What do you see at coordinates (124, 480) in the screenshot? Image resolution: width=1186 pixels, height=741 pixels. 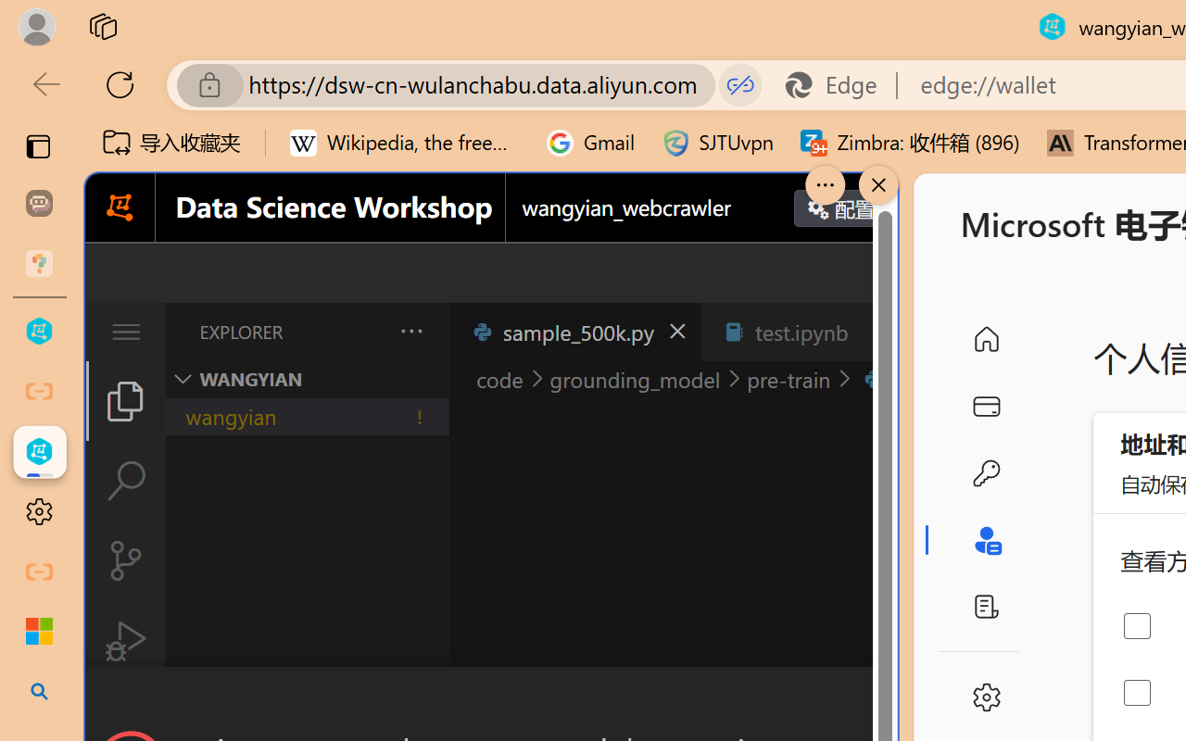 I see `'Search (Ctrl+Shift+F)'` at bounding box center [124, 480].